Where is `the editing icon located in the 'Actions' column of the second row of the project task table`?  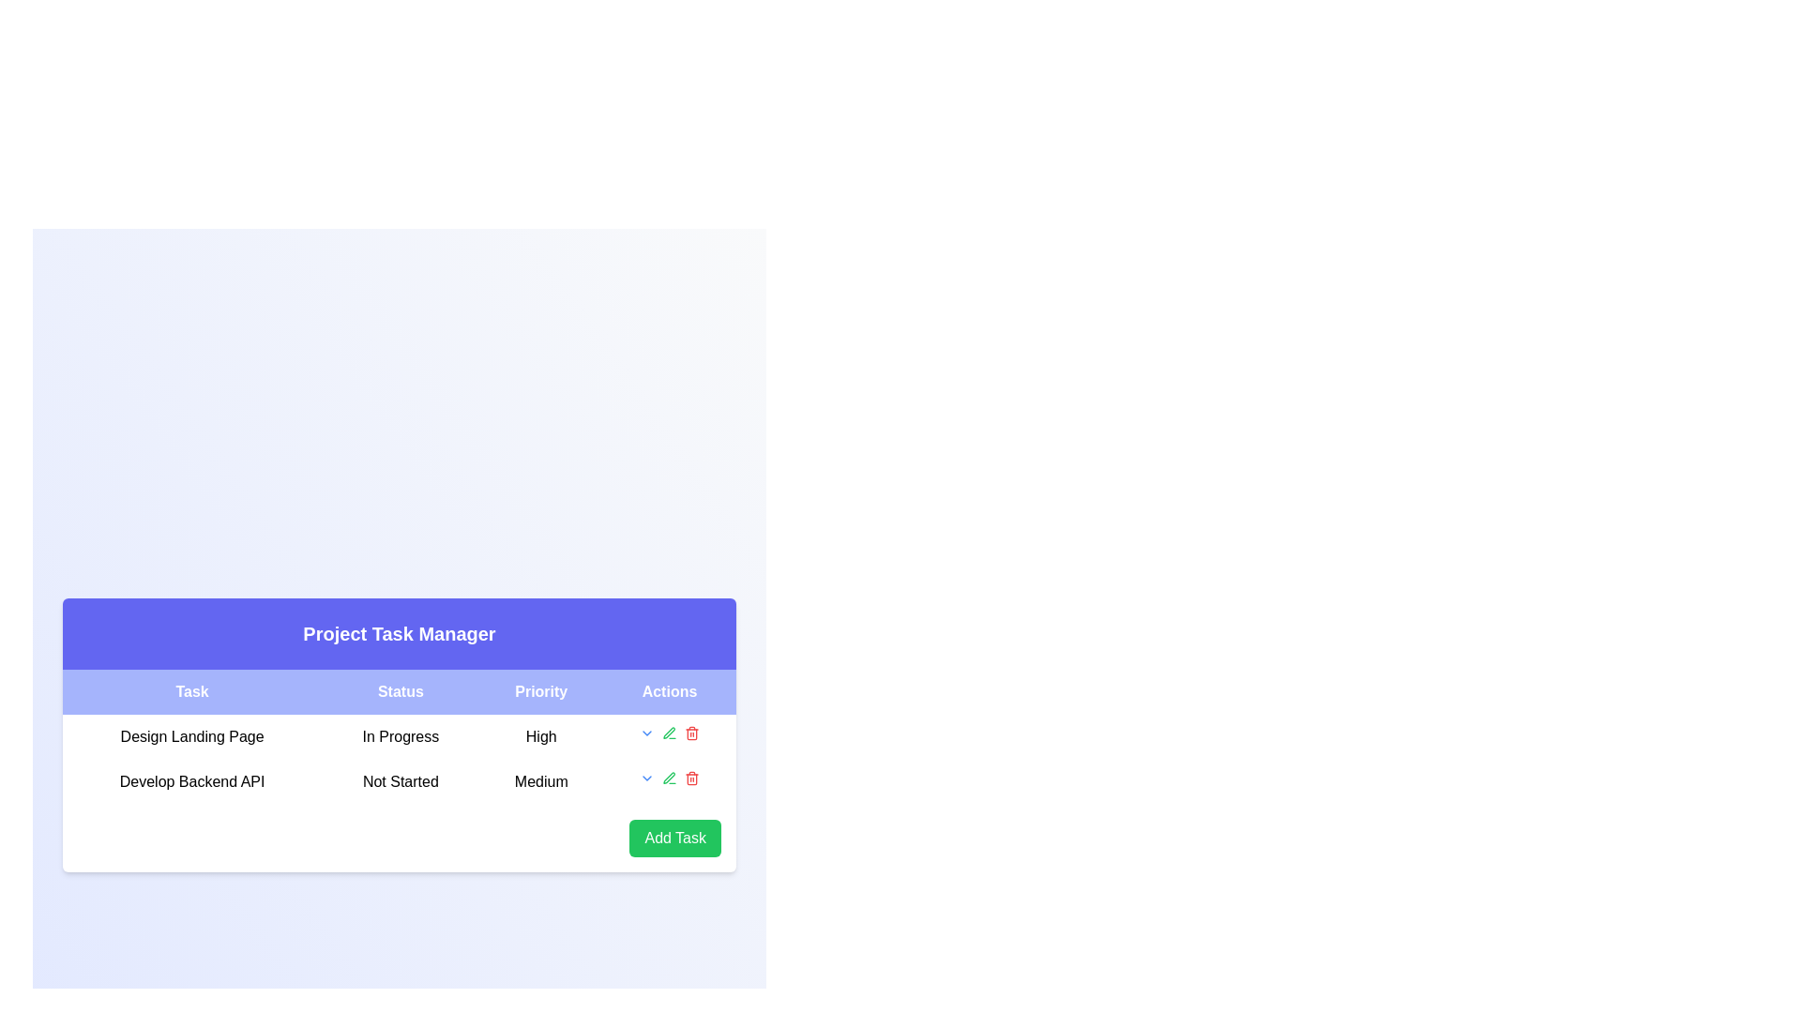 the editing icon located in the 'Actions' column of the second row of the project task table is located at coordinates (669, 732).